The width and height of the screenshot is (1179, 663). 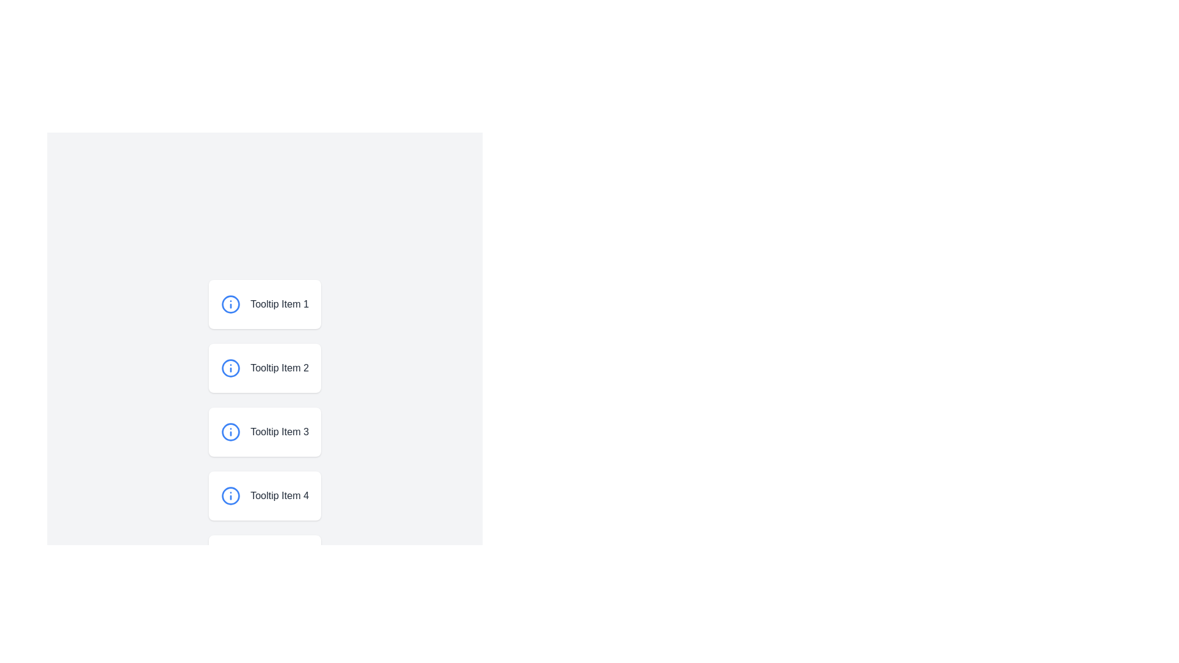 I want to click on the circular SVG icon with an information symbol ('i') in the center, which is styled with a blue outline and a white background, located to the left of 'Tooltip Item 3' in the third row of a vertical list, so click(x=230, y=432).